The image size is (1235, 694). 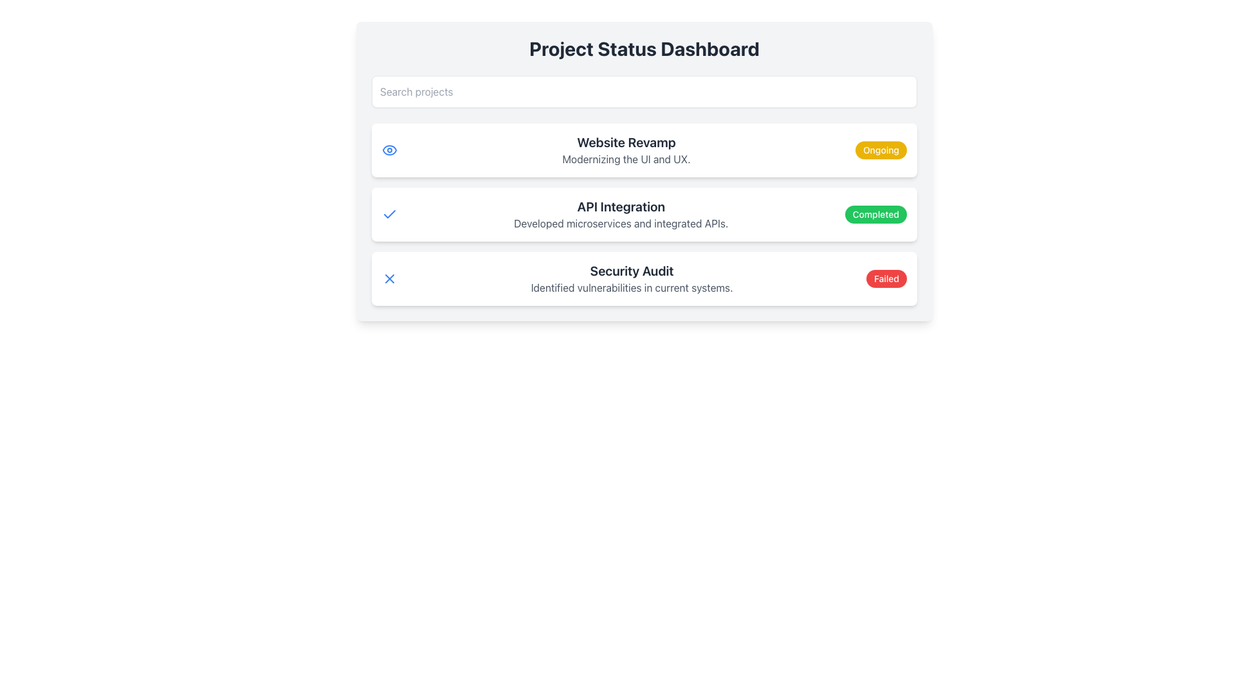 I want to click on the bottom-left to top-right diagonal line segment of the 'X' icon in the SVG graphic, which is located to the left of the 'Security Audit' row in the dashboard list, so click(x=389, y=278).